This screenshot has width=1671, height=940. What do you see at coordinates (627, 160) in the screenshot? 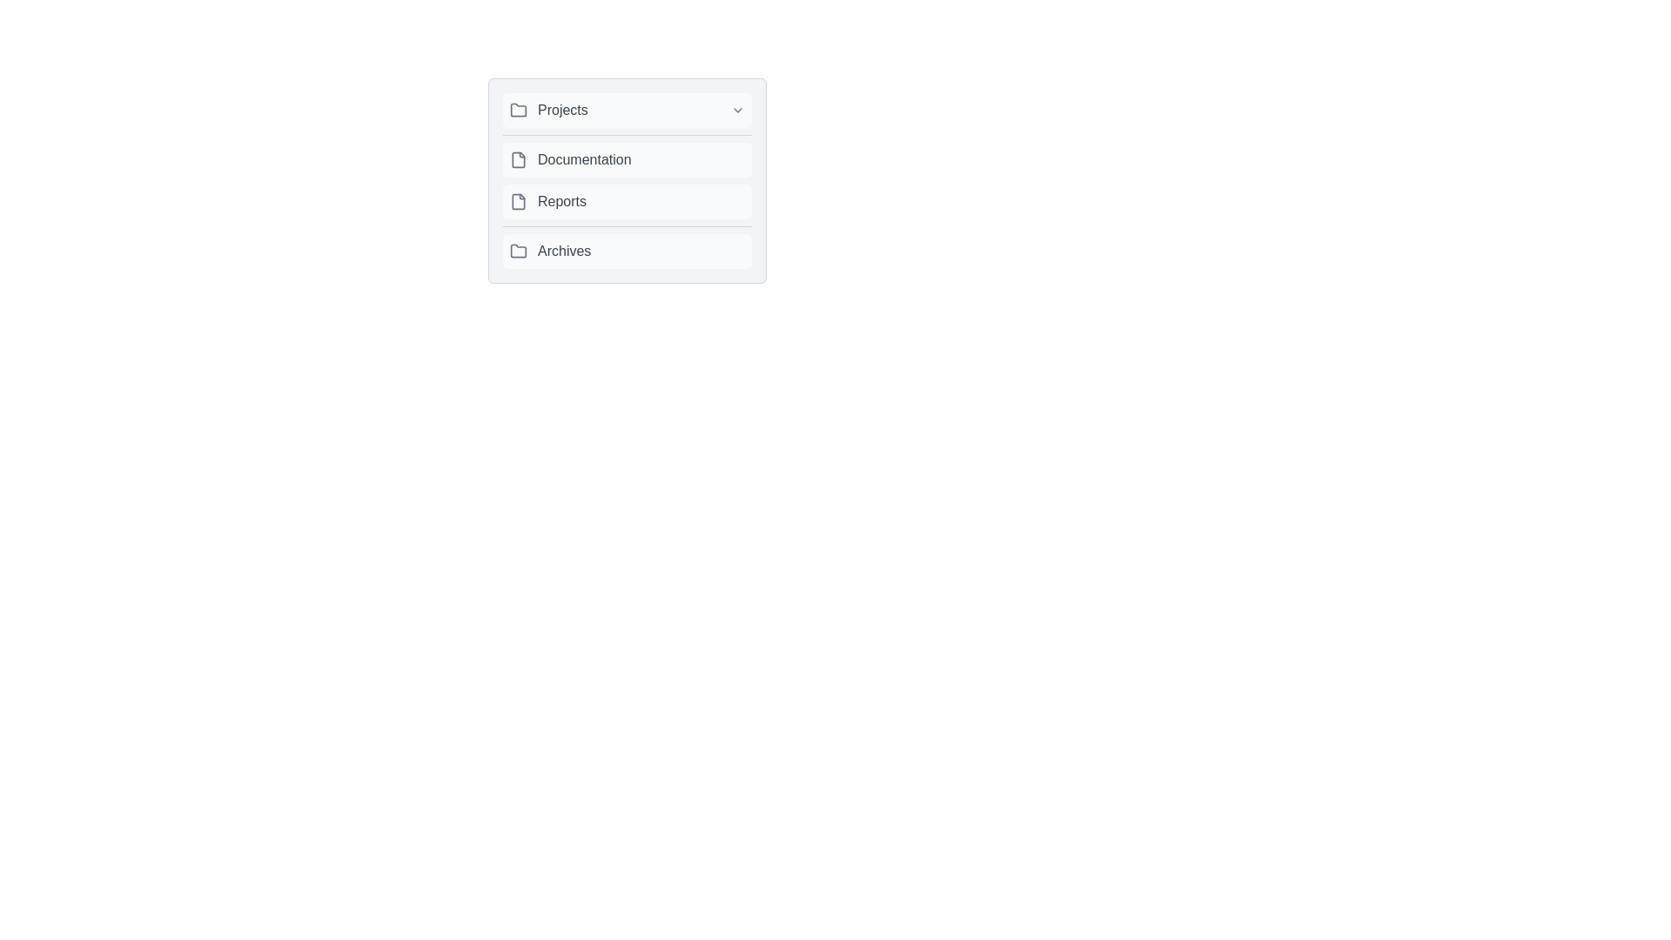
I see `the 'Documentation' menu item, which has a light gray background, rounded corners, and a document file icon to the left of the text styled in darker gray and bold font` at bounding box center [627, 160].